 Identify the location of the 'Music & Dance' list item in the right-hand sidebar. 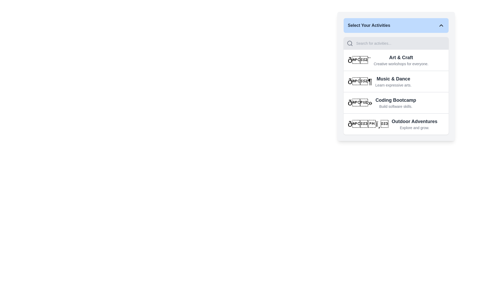
(396, 81).